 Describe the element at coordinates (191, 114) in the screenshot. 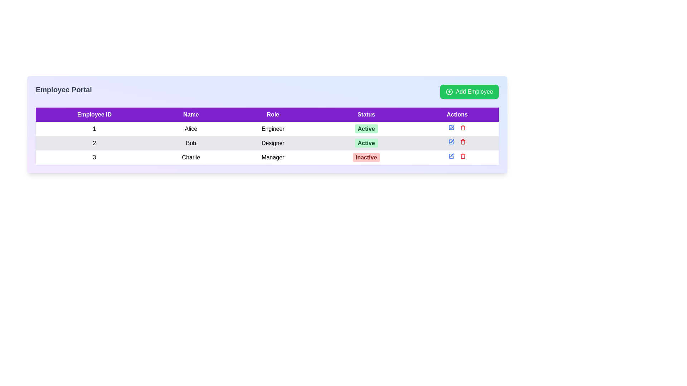

I see `the table header cell labeled 'Name' to sort the column, which is the second cell in the header row of the data table` at that location.